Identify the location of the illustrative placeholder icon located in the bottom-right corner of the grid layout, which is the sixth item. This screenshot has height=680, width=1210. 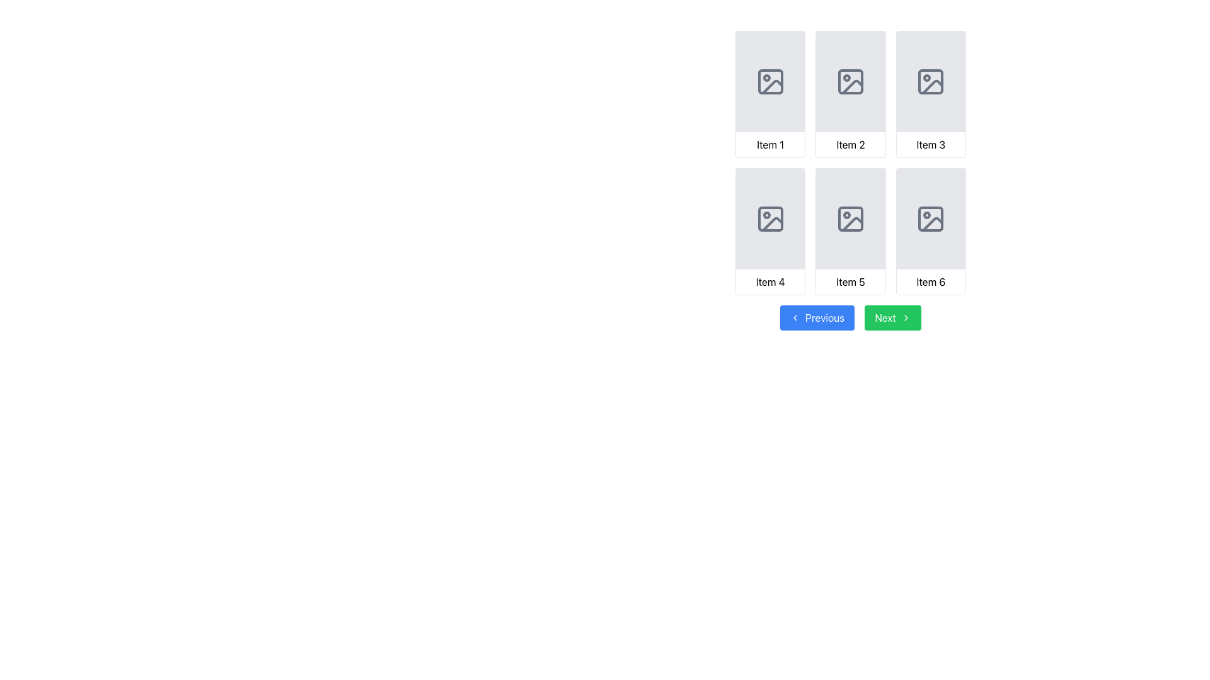
(931, 218).